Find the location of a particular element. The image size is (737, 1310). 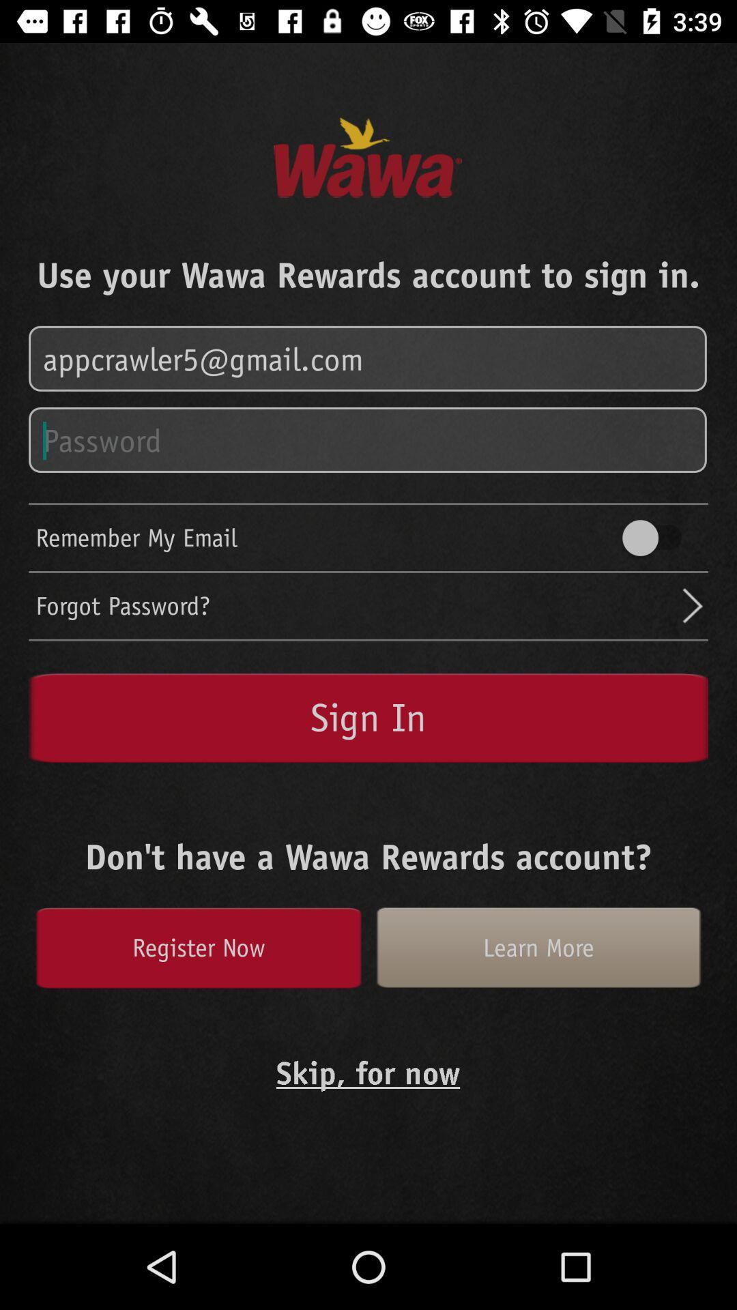

the forgot password? icon is located at coordinates (356, 605).